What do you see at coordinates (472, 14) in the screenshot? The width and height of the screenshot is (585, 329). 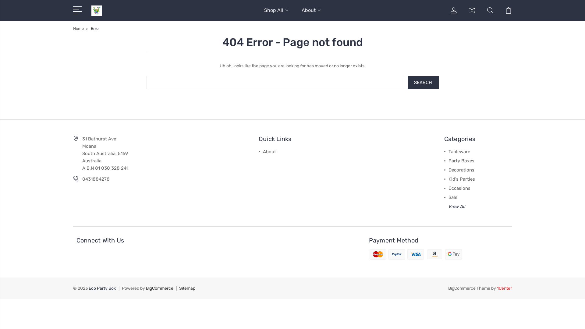 I see `'Compare'` at bounding box center [472, 14].